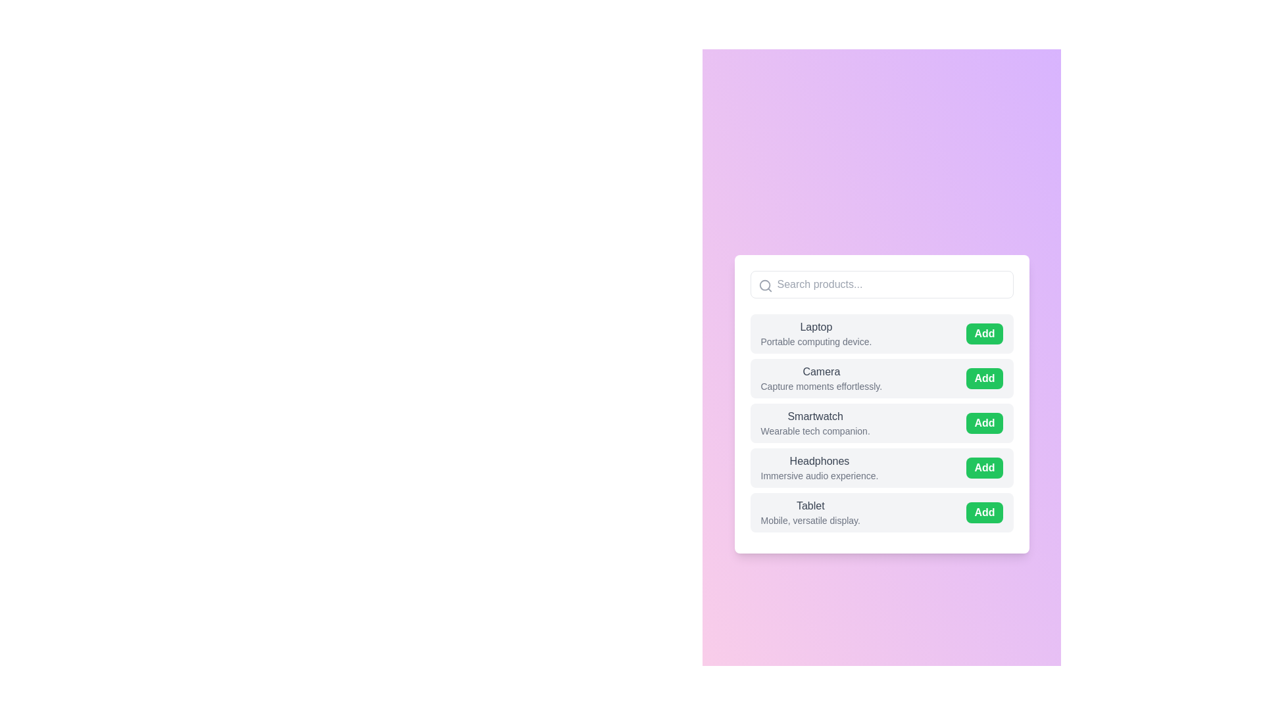  What do you see at coordinates (819, 467) in the screenshot?
I see `the Text display element that represents the product 'Headphones' with the description 'Immersive audio experience', located in a vertical list of product descriptions` at bounding box center [819, 467].